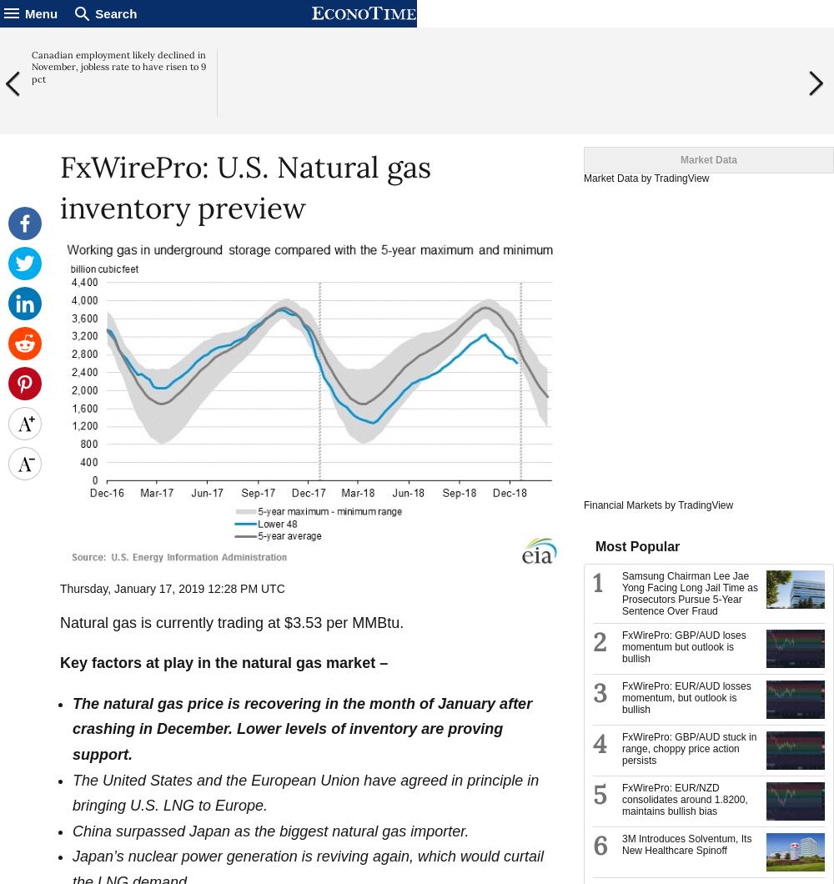 This screenshot has height=884, width=834. What do you see at coordinates (622, 505) in the screenshot?
I see `'Financial Markets'` at bounding box center [622, 505].